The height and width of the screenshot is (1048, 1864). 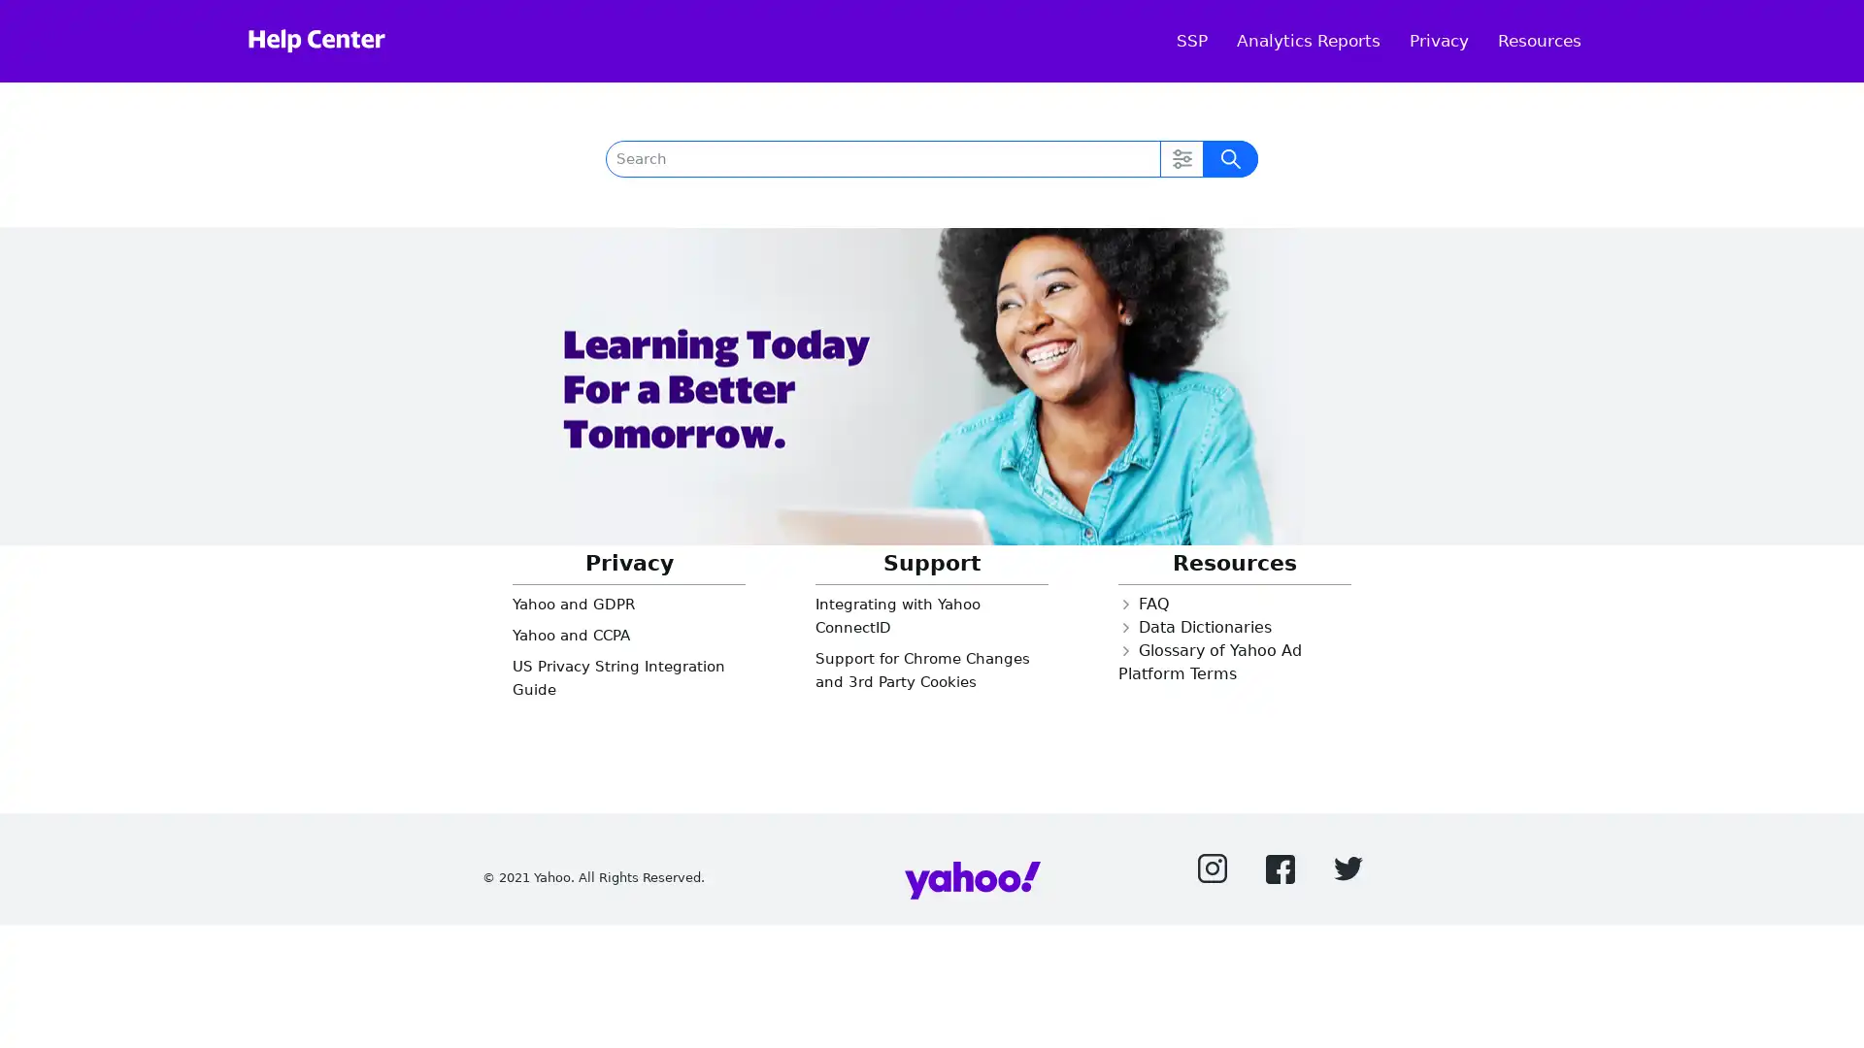 What do you see at coordinates (1209, 661) in the screenshot?
I see `Closed Glossary of Yahoo Ad Platform Terms` at bounding box center [1209, 661].